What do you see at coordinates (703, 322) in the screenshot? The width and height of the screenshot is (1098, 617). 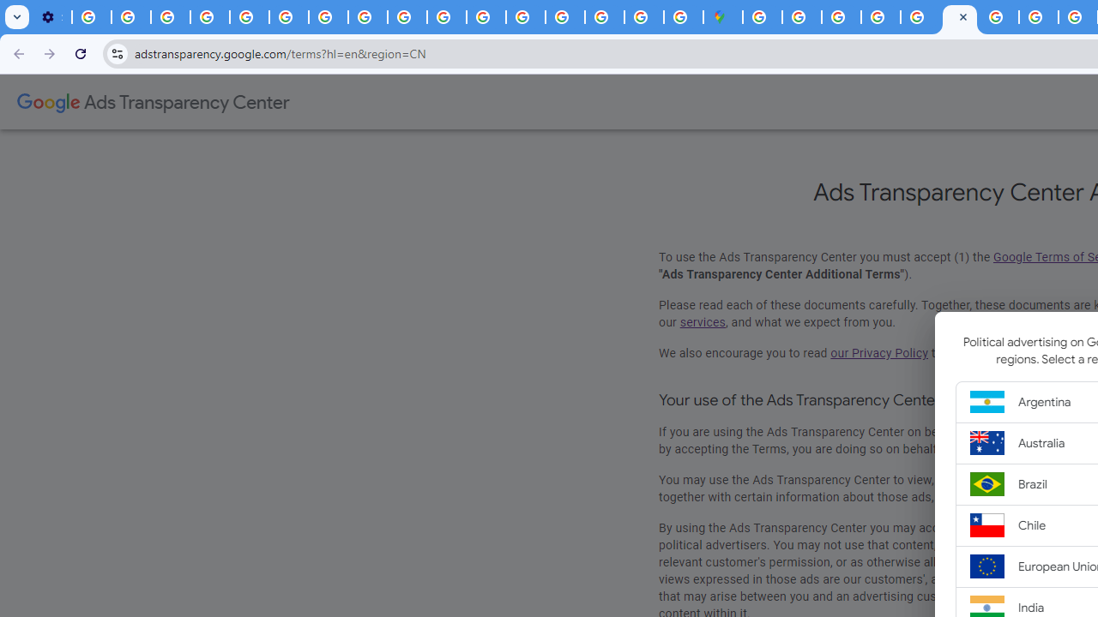 I see `'services'` at bounding box center [703, 322].